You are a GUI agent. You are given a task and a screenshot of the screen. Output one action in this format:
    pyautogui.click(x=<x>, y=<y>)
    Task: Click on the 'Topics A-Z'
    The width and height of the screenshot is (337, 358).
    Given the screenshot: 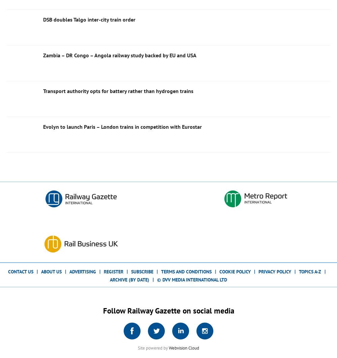 What is the action you would take?
    pyautogui.click(x=310, y=271)
    